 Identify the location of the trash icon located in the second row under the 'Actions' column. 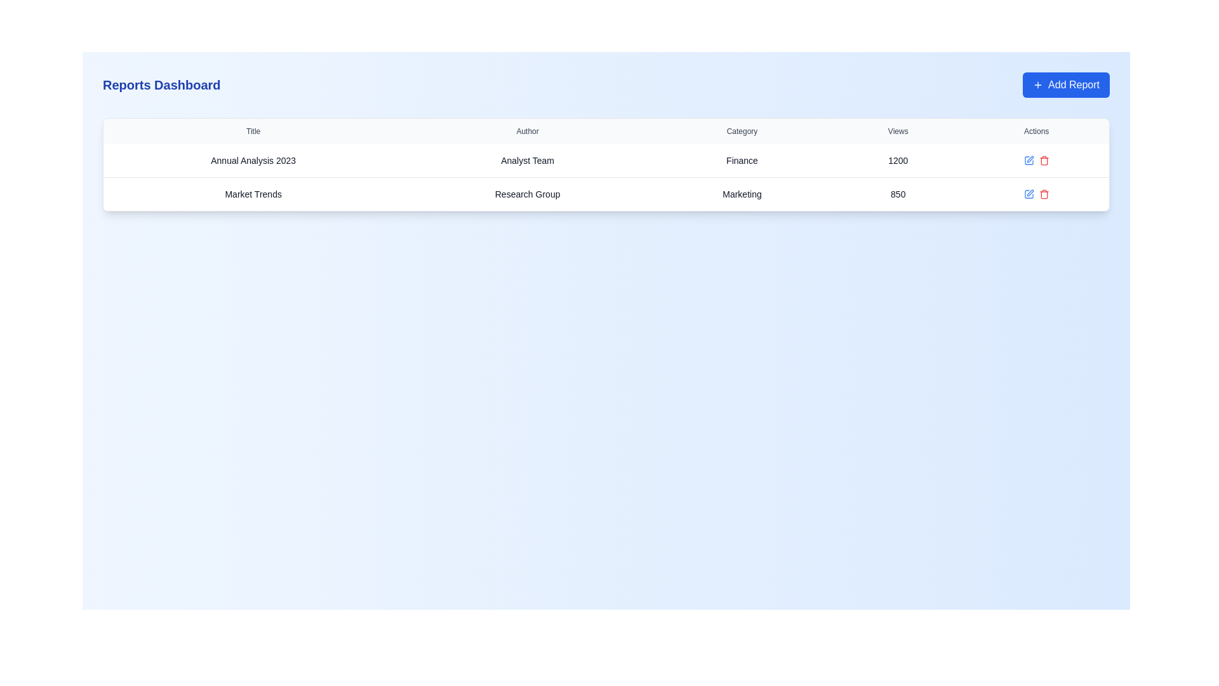
(1044, 195).